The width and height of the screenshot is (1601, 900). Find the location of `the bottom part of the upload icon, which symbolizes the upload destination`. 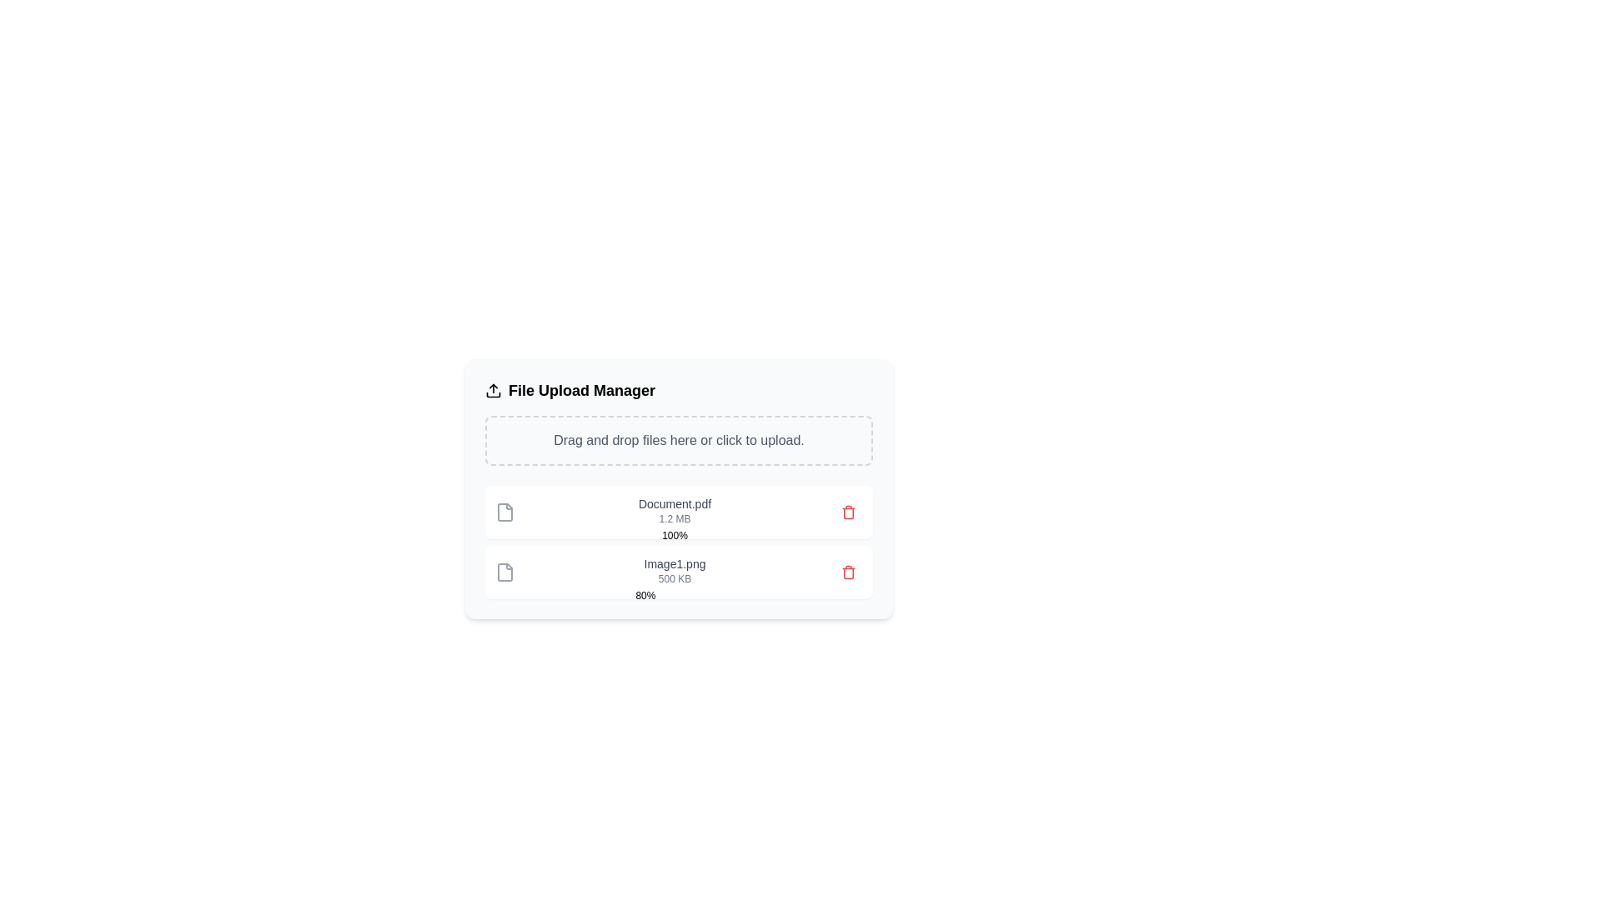

the bottom part of the upload icon, which symbolizes the upload destination is located at coordinates (492, 395).